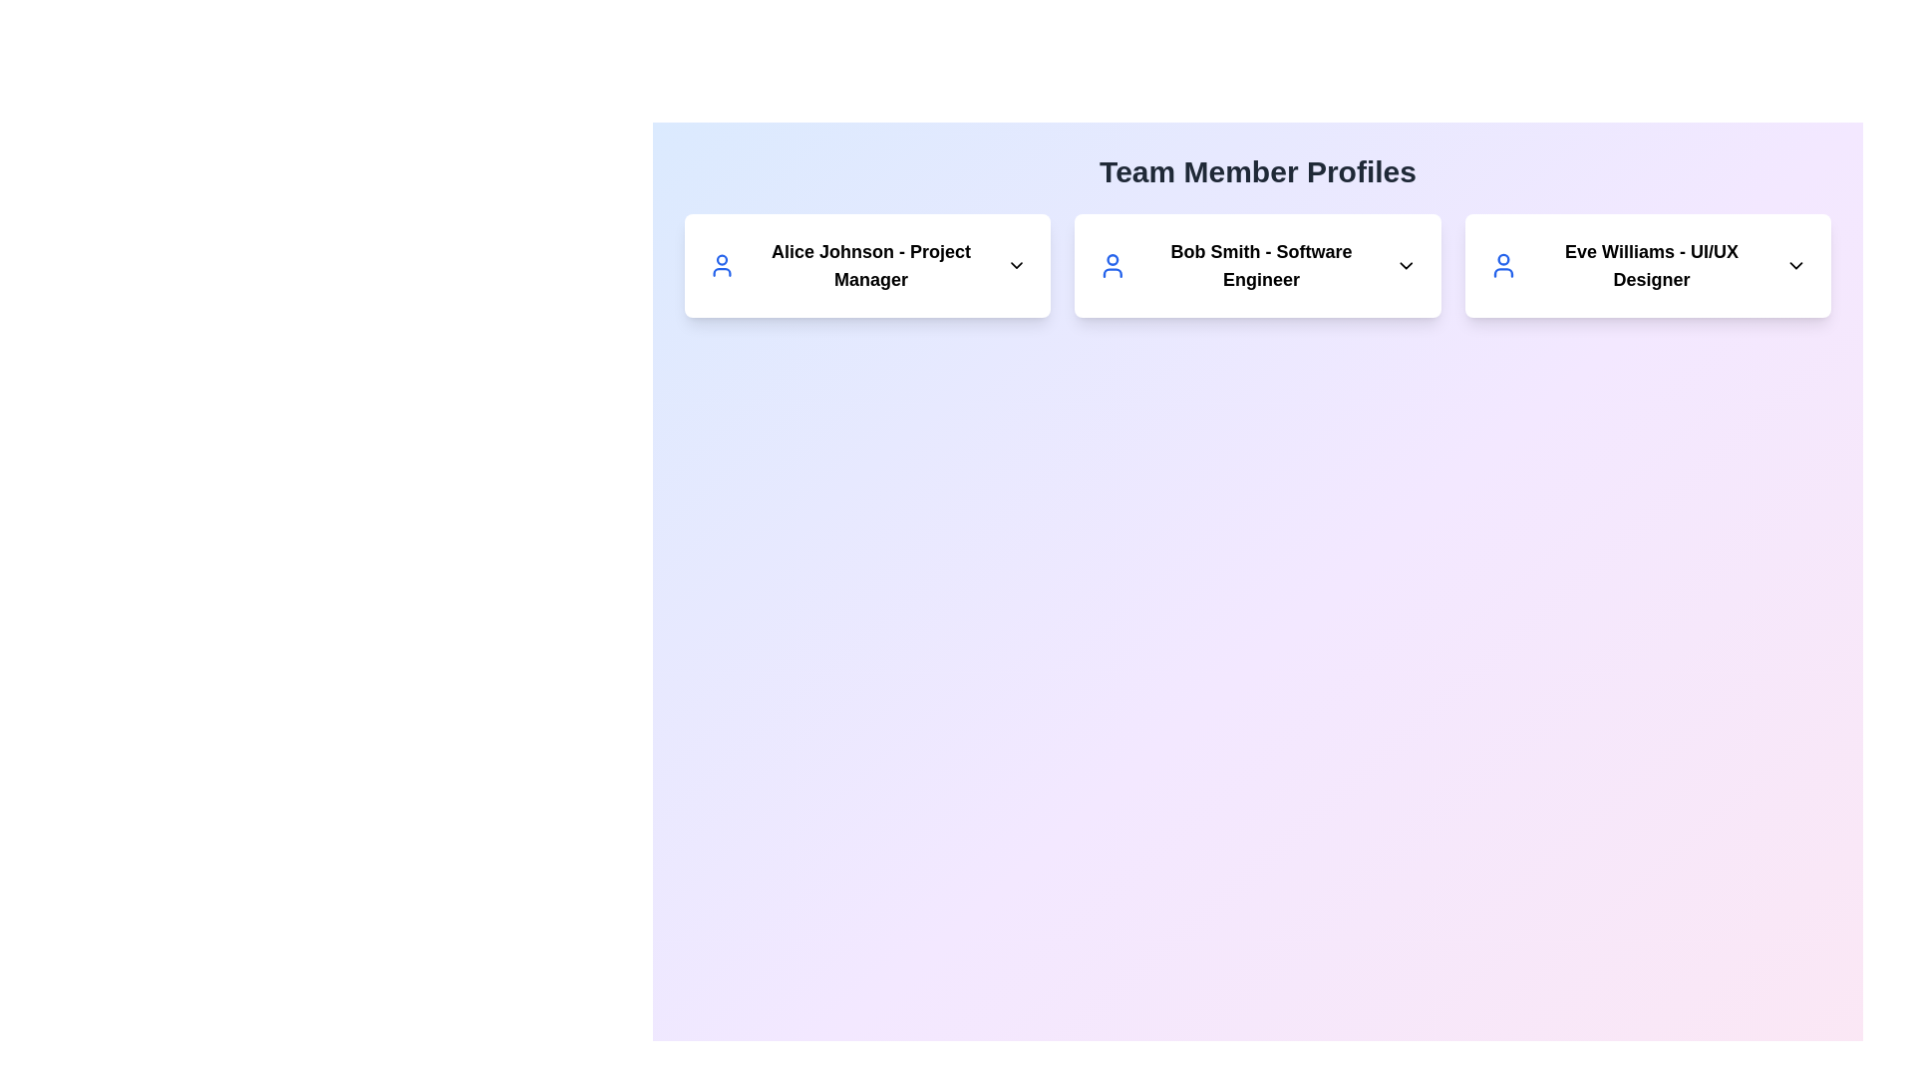 The height and width of the screenshot is (1076, 1914). I want to click on the downward-pointing chevron icon located to the right of the text 'Eve Williams - UI/UX Designer', so click(1795, 264).